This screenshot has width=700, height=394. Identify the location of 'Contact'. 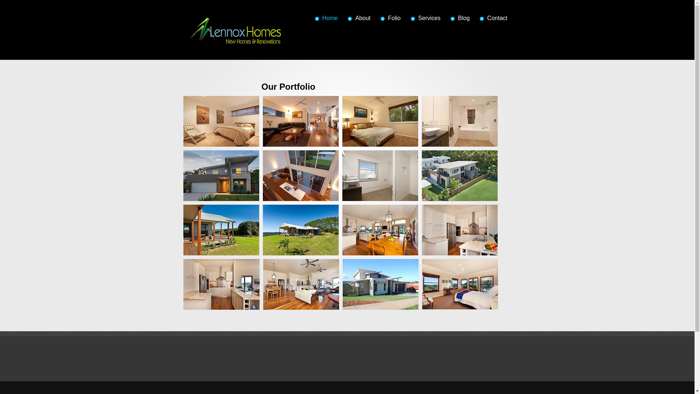
(493, 18).